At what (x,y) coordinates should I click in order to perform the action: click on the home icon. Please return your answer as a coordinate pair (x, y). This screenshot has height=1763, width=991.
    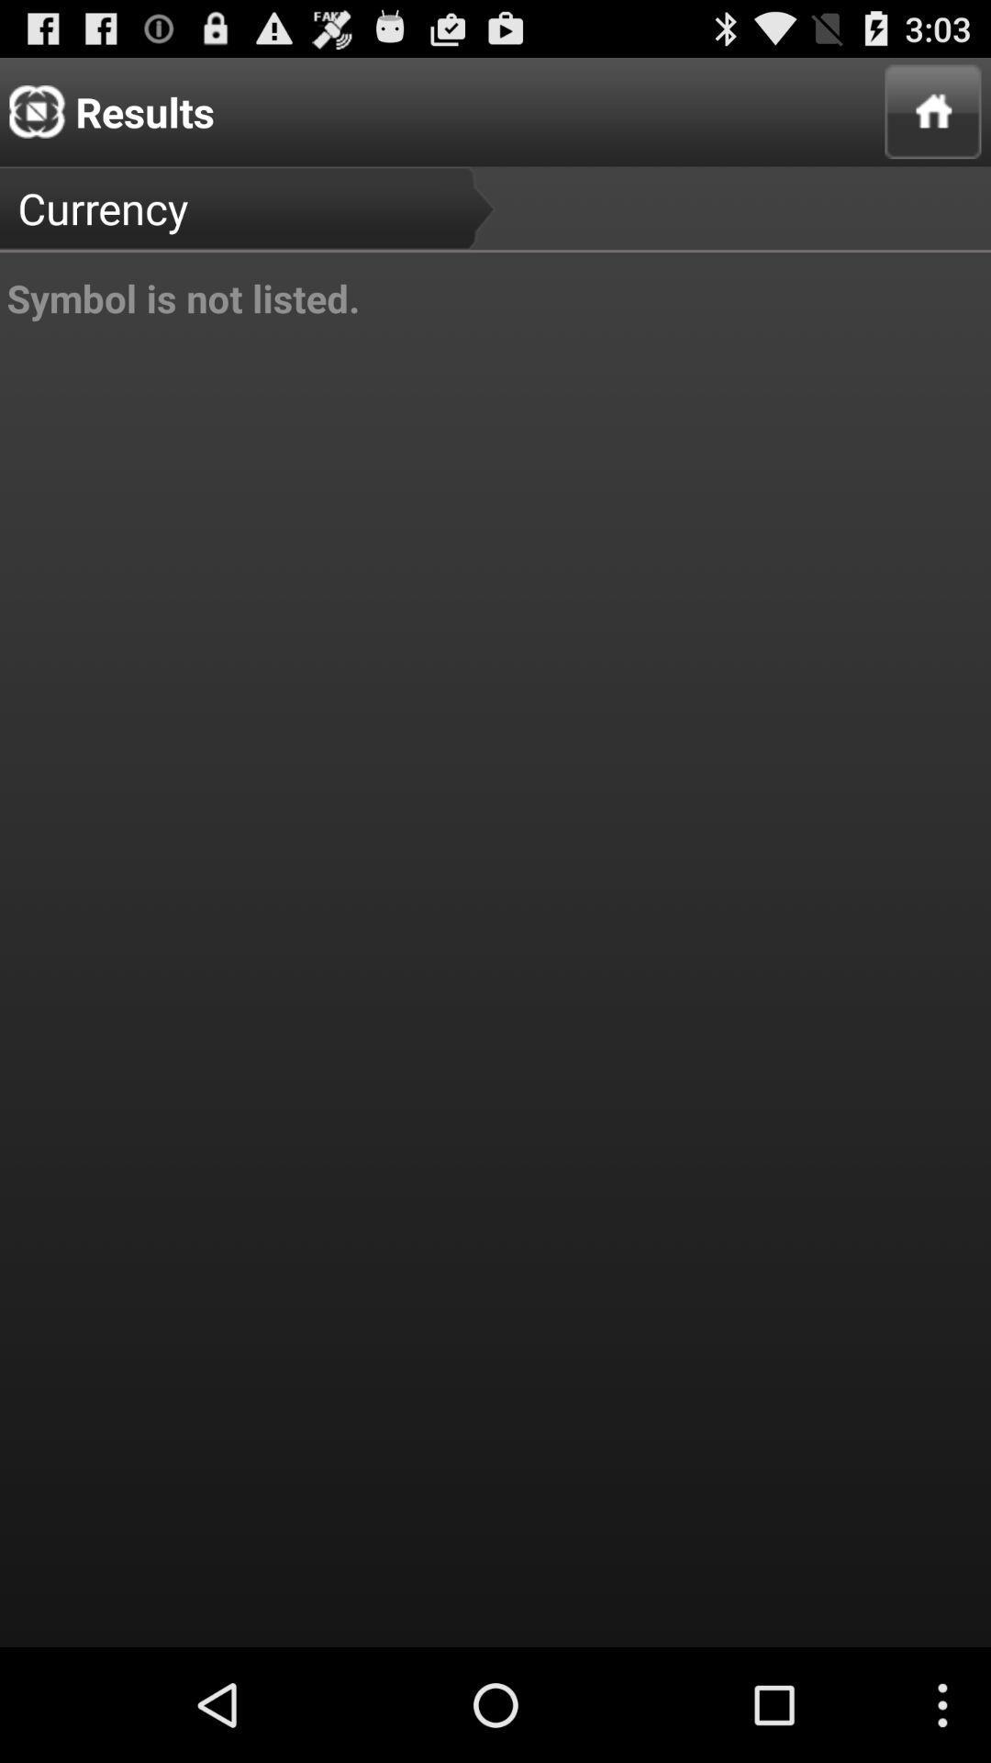
    Looking at the image, I should click on (933, 118).